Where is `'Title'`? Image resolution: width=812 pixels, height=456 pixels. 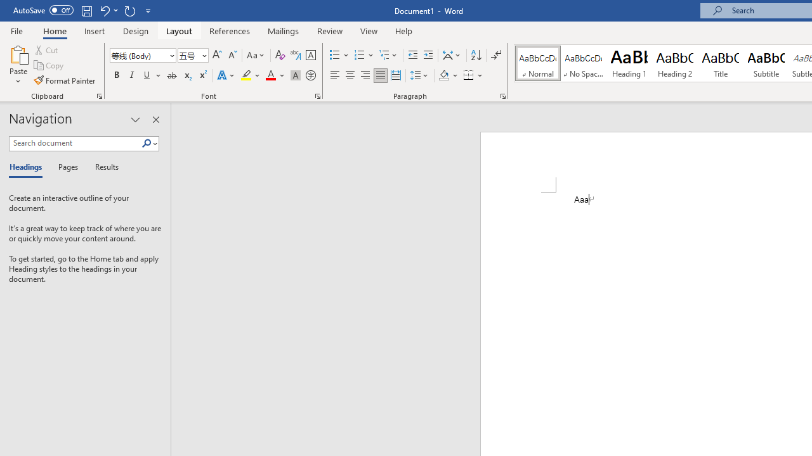
'Title' is located at coordinates (721, 63).